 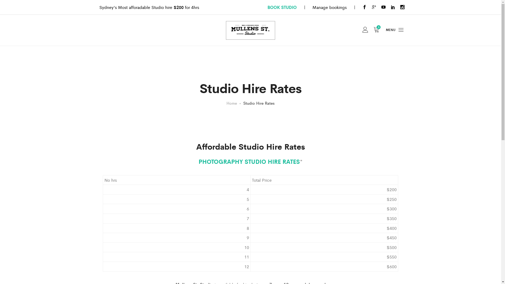 What do you see at coordinates (281, 7) in the screenshot?
I see `'BOOK STUDIO'` at bounding box center [281, 7].